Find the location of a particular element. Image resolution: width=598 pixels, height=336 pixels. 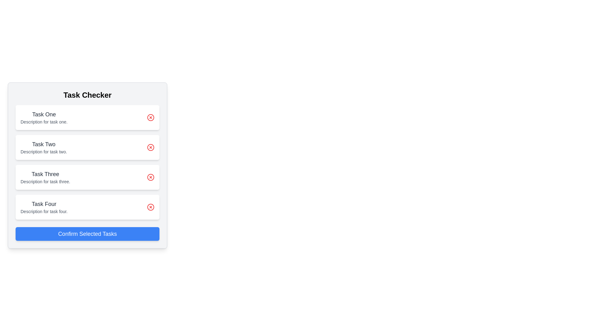

the title label of the task management interface is located at coordinates (87, 95).